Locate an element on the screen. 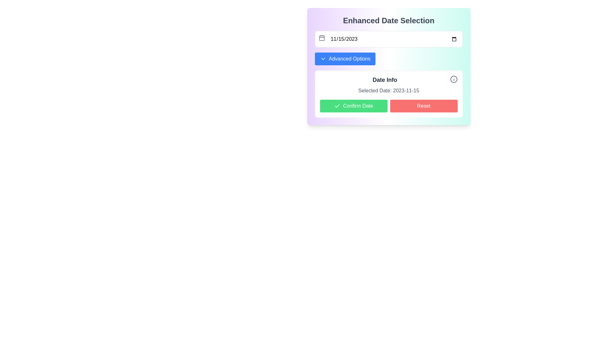 Image resolution: width=612 pixels, height=344 pixels. the button used is located at coordinates (345, 59).